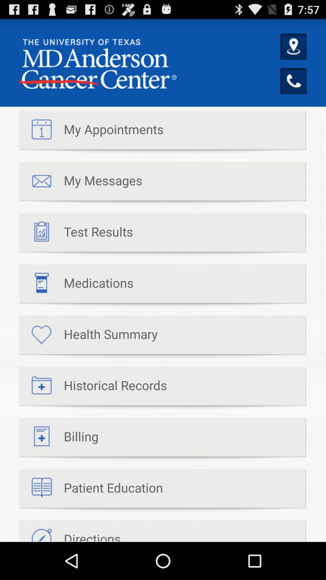 Image resolution: width=326 pixels, height=580 pixels. I want to click on medications icon, so click(76, 285).